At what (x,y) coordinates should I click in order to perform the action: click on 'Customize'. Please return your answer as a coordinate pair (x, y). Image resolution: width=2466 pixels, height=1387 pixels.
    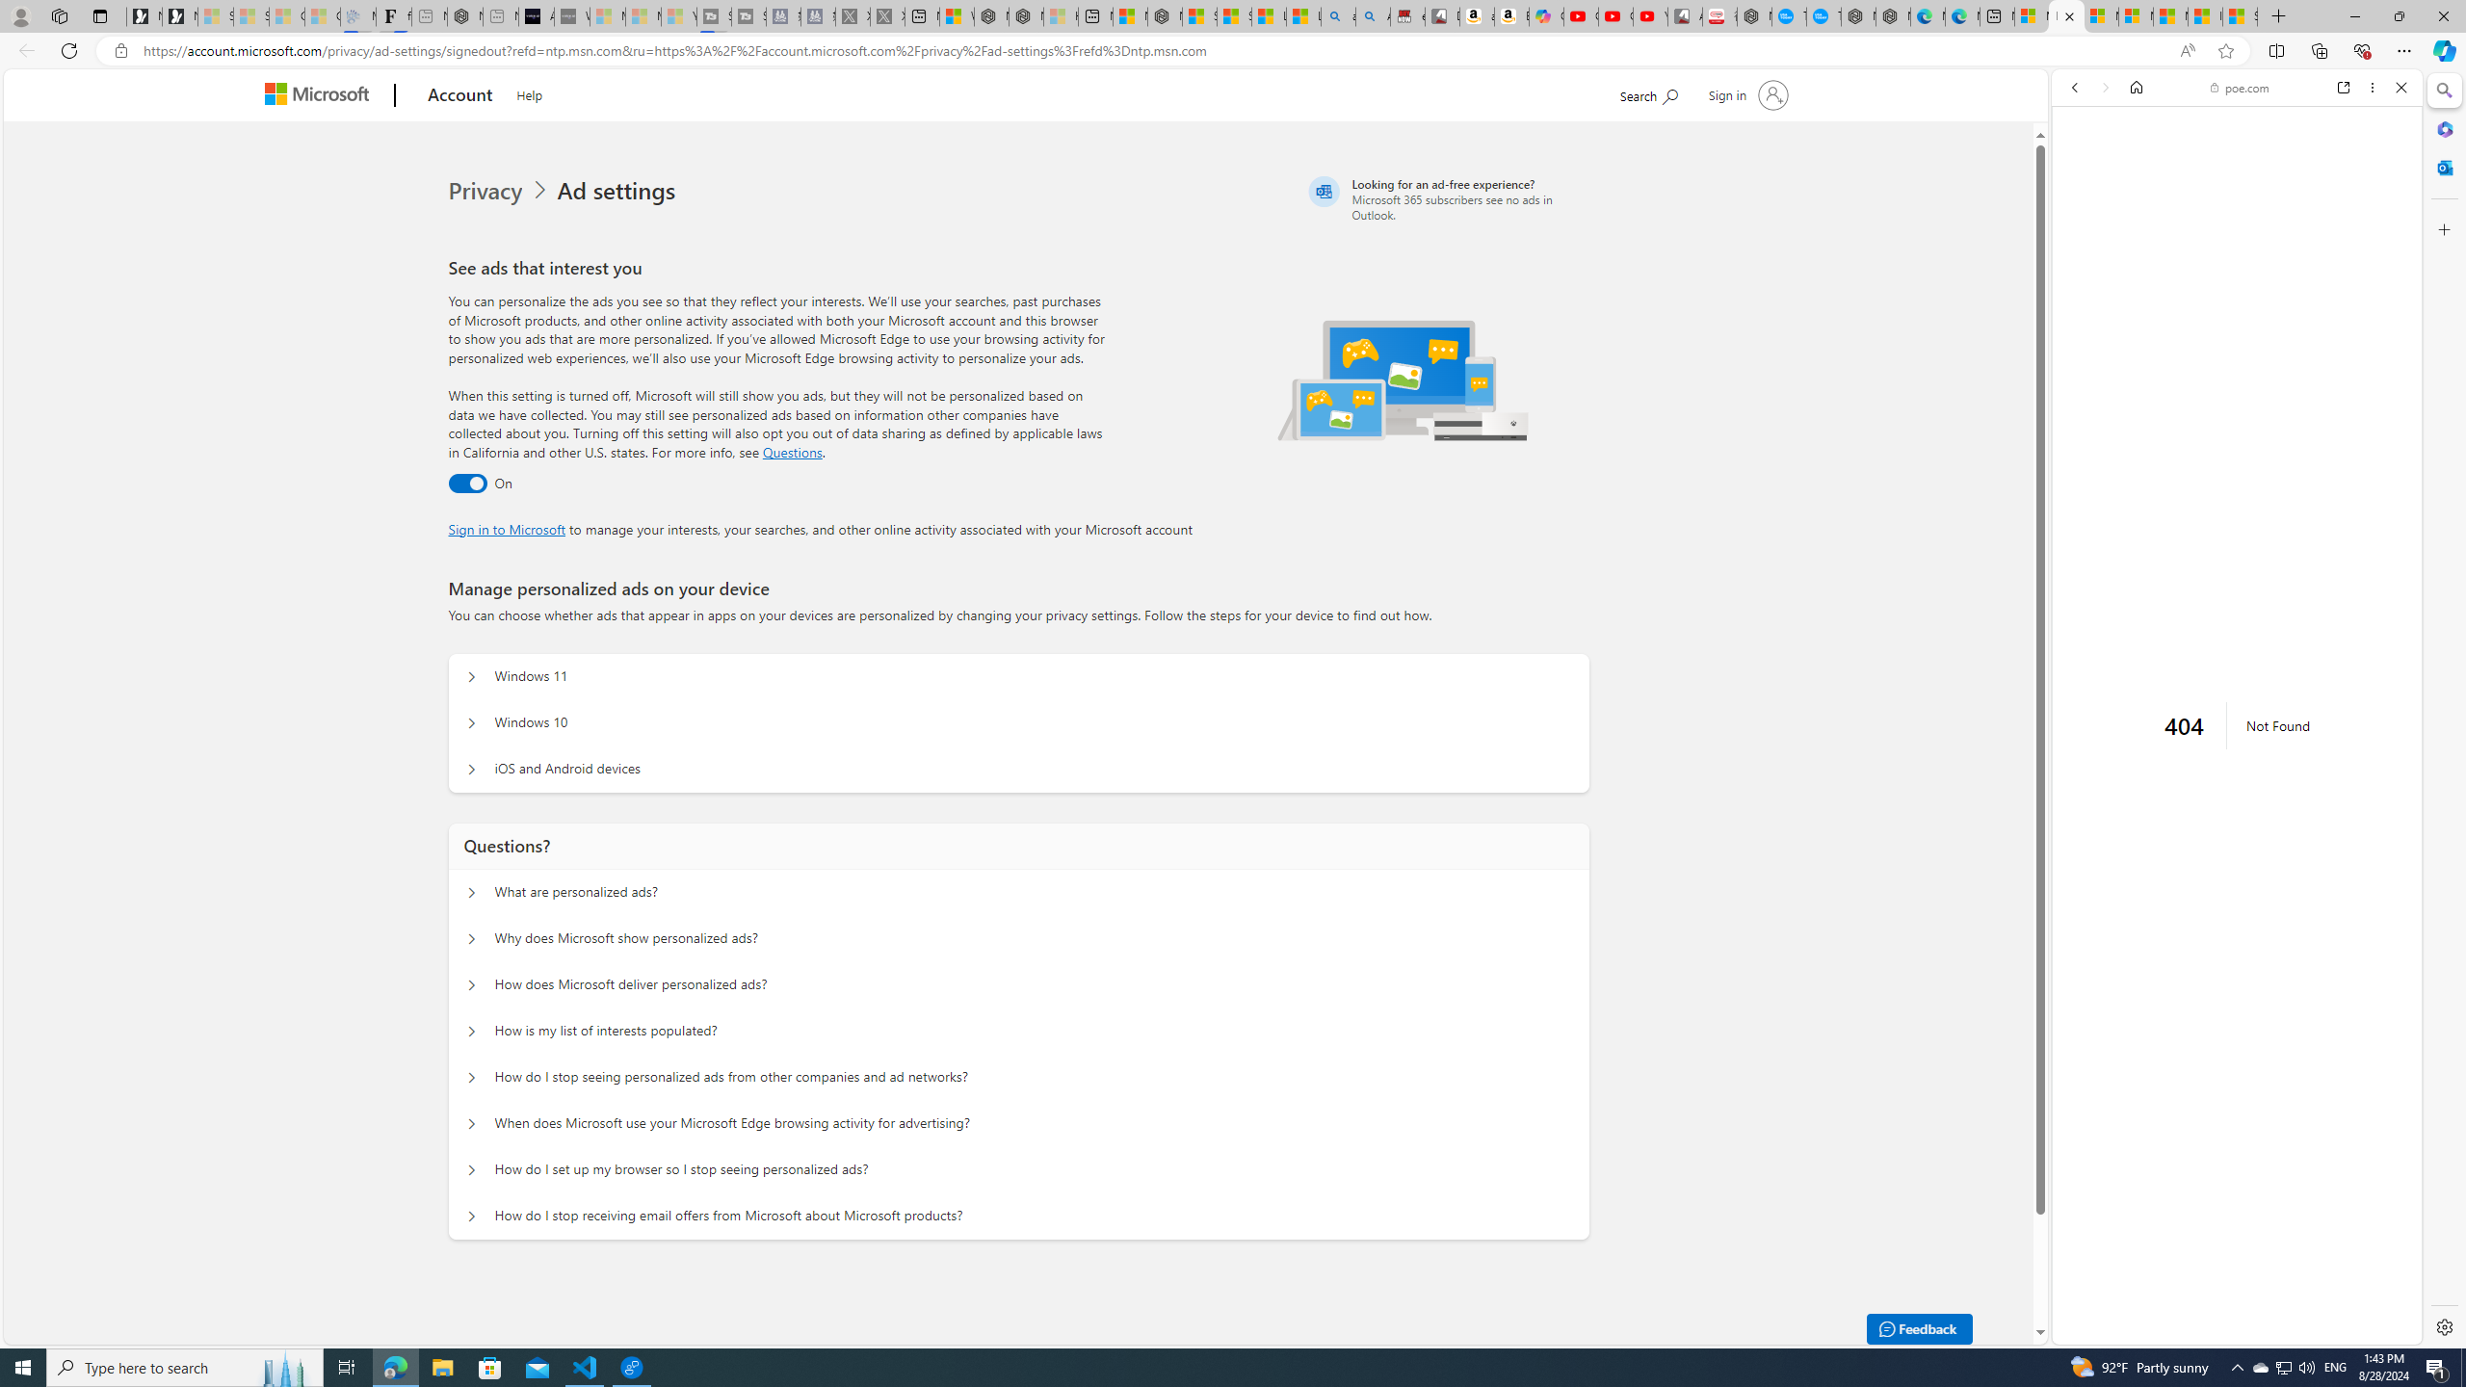
    Looking at the image, I should click on (2442, 228).